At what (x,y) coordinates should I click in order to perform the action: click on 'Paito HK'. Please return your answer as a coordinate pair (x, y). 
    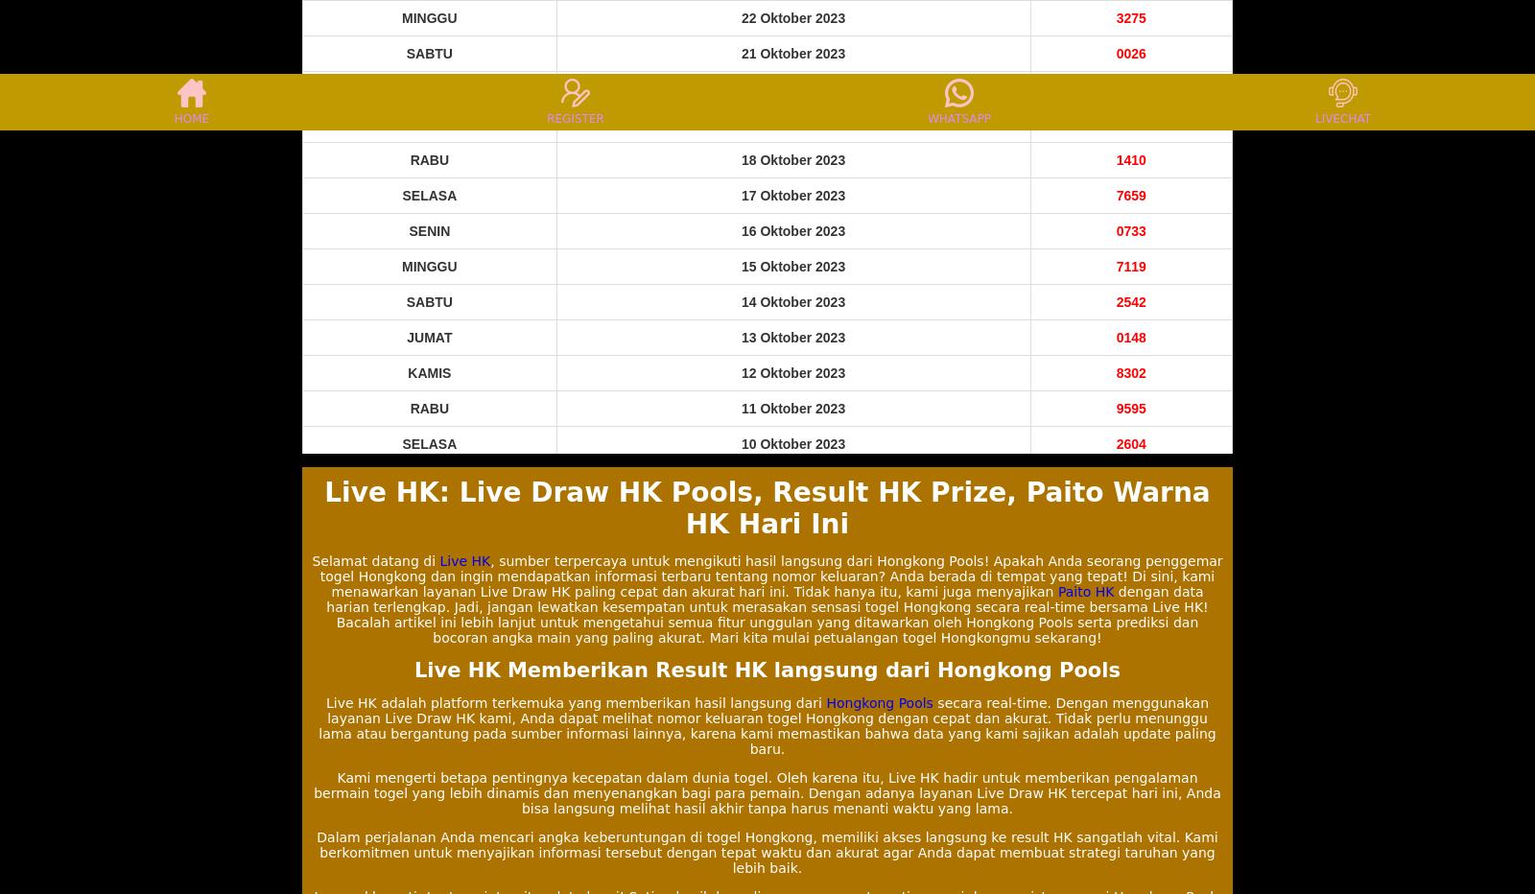
    Looking at the image, I should click on (1085, 590).